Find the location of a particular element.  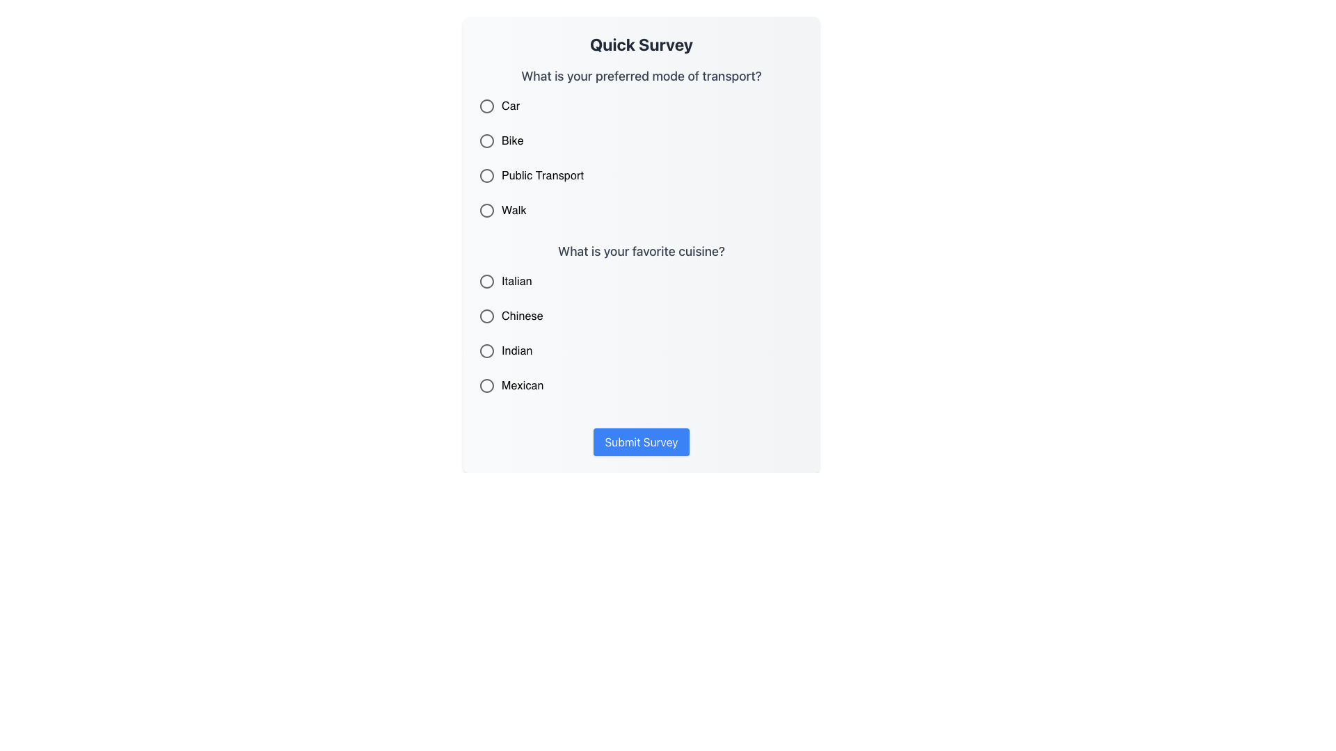

the 'Mexican' radio button located under the question 'What is your favorite cuisine?' is located at coordinates (487, 386).